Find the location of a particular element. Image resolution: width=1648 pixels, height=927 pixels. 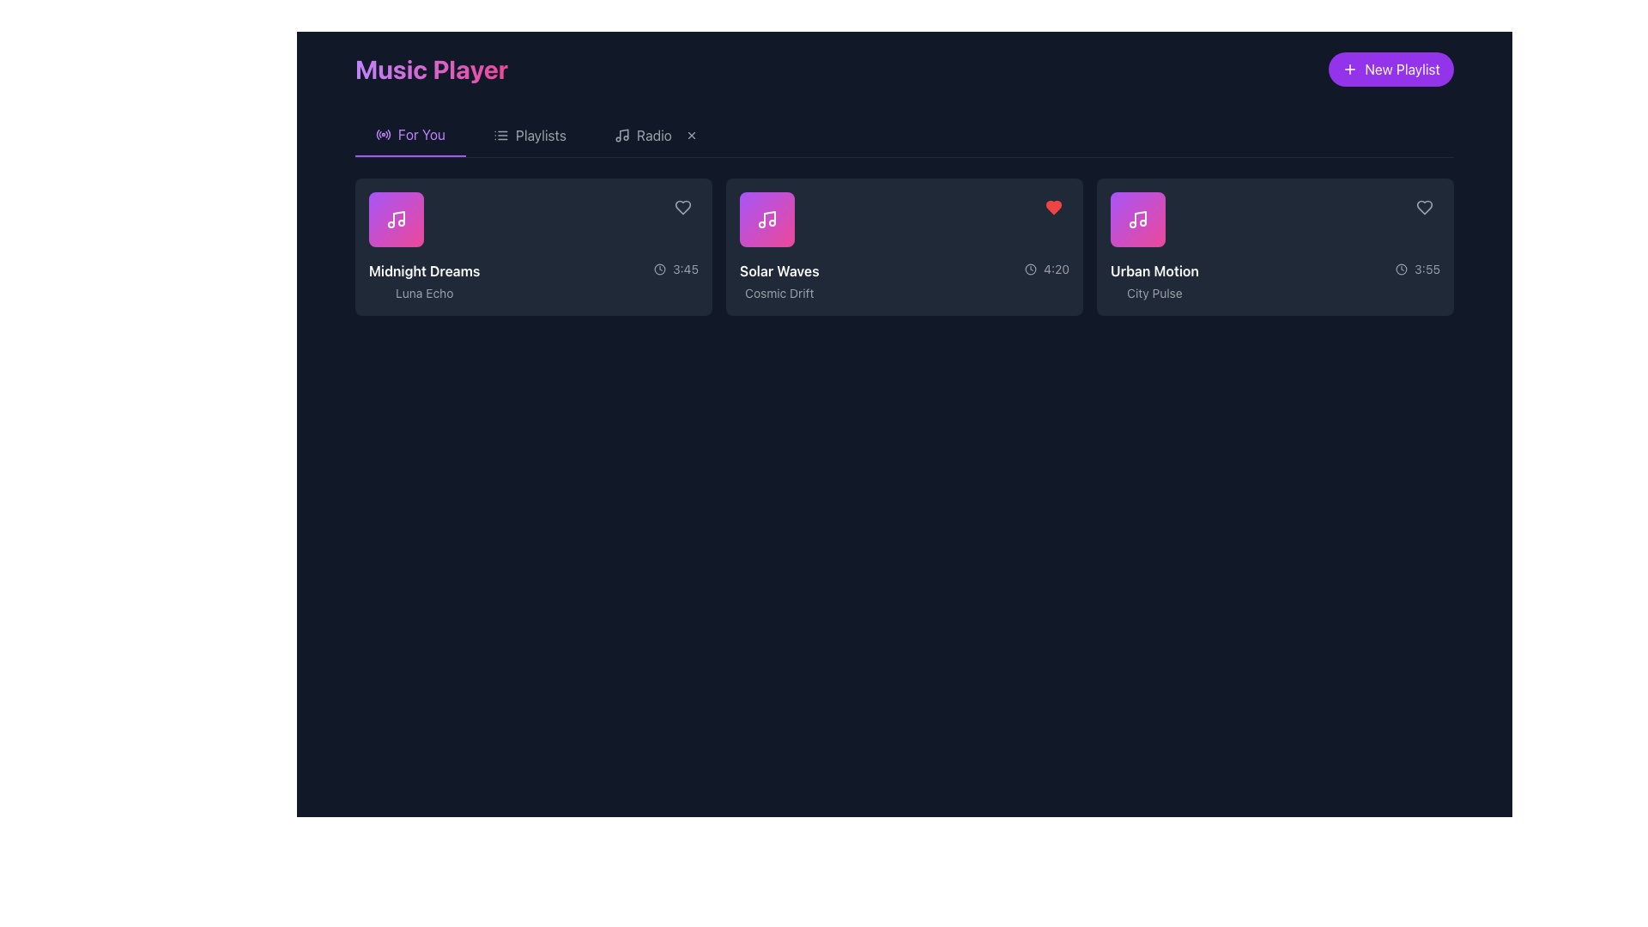

the circular shape representing part of the icon for the song 'Midnight Dreams', located to the left of the duration text '3:45' is located at coordinates (658, 269).